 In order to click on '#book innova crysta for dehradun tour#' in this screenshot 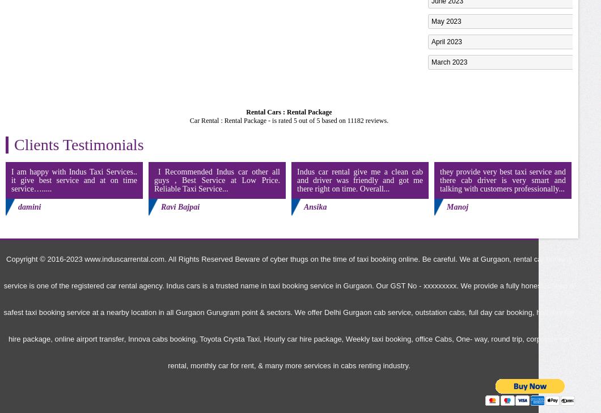, I will do `click(490, 359)`.